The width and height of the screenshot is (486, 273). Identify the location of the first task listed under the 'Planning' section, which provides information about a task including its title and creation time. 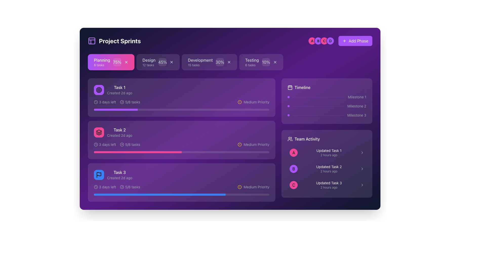
(113, 89).